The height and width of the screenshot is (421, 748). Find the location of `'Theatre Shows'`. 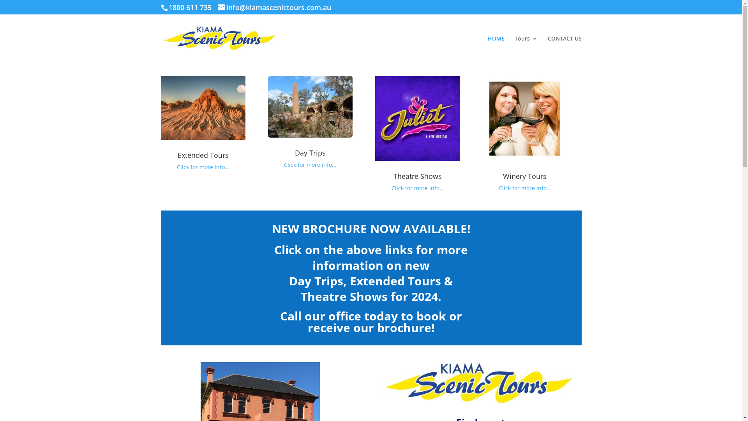

'Theatre Shows' is located at coordinates (417, 176).